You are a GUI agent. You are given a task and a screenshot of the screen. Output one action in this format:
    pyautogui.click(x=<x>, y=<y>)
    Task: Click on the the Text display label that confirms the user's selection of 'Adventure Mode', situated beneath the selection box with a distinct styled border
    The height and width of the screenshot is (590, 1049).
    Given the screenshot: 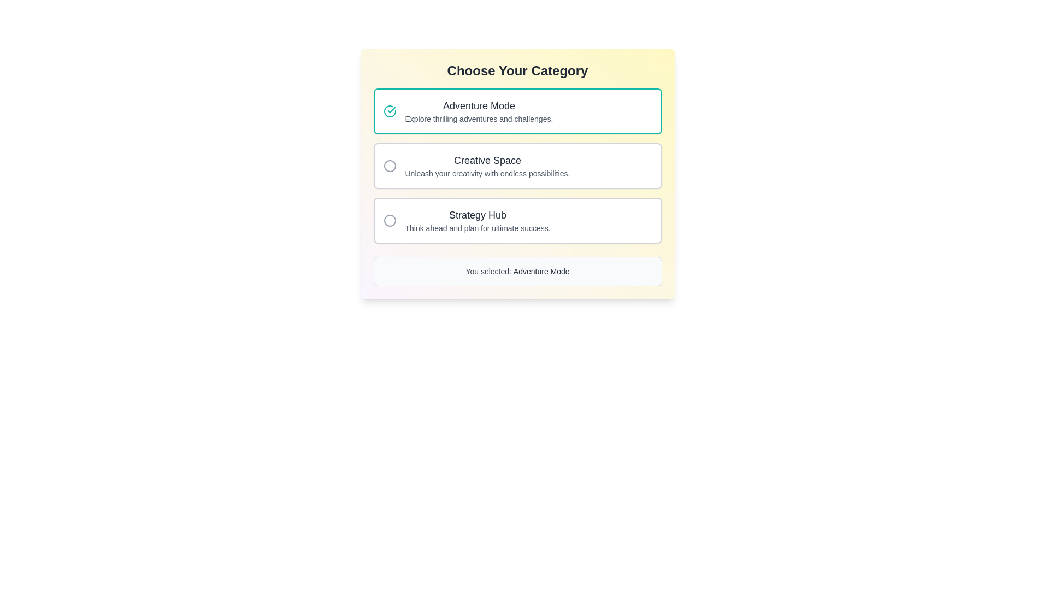 What is the action you would take?
    pyautogui.click(x=517, y=271)
    